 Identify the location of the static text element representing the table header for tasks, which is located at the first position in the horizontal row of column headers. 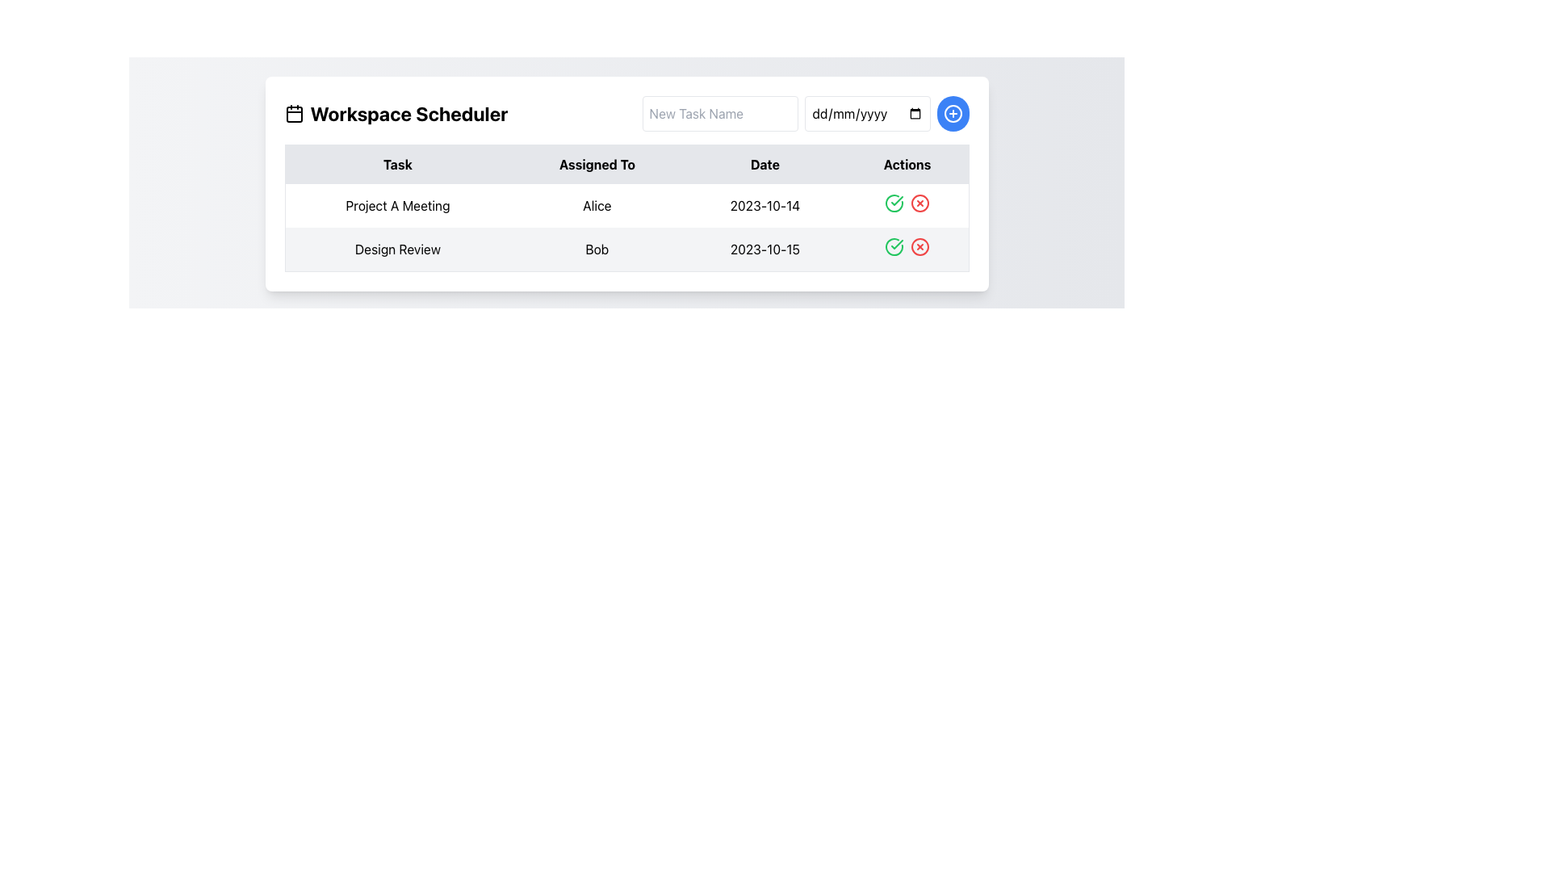
(397, 164).